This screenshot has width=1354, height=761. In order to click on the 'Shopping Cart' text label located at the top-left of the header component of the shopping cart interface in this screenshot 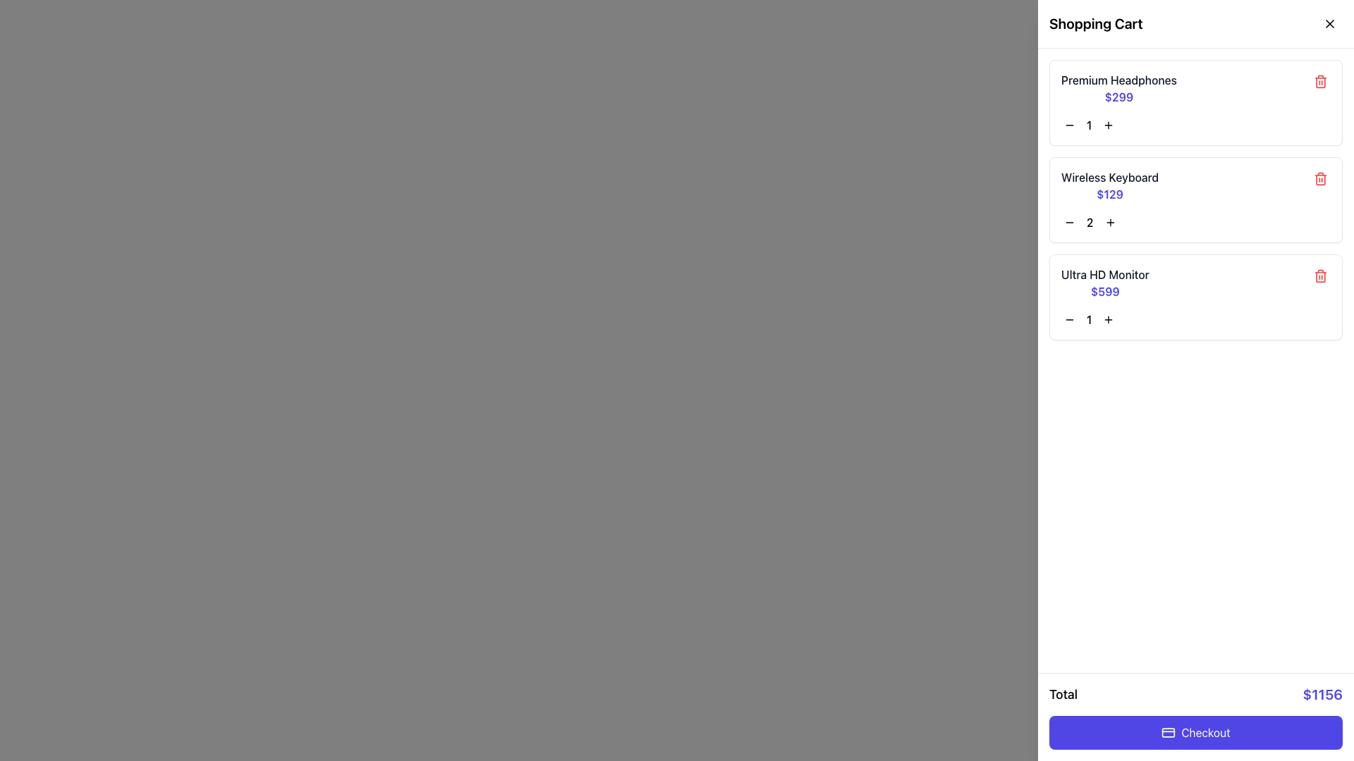, I will do `click(1095, 24)`.